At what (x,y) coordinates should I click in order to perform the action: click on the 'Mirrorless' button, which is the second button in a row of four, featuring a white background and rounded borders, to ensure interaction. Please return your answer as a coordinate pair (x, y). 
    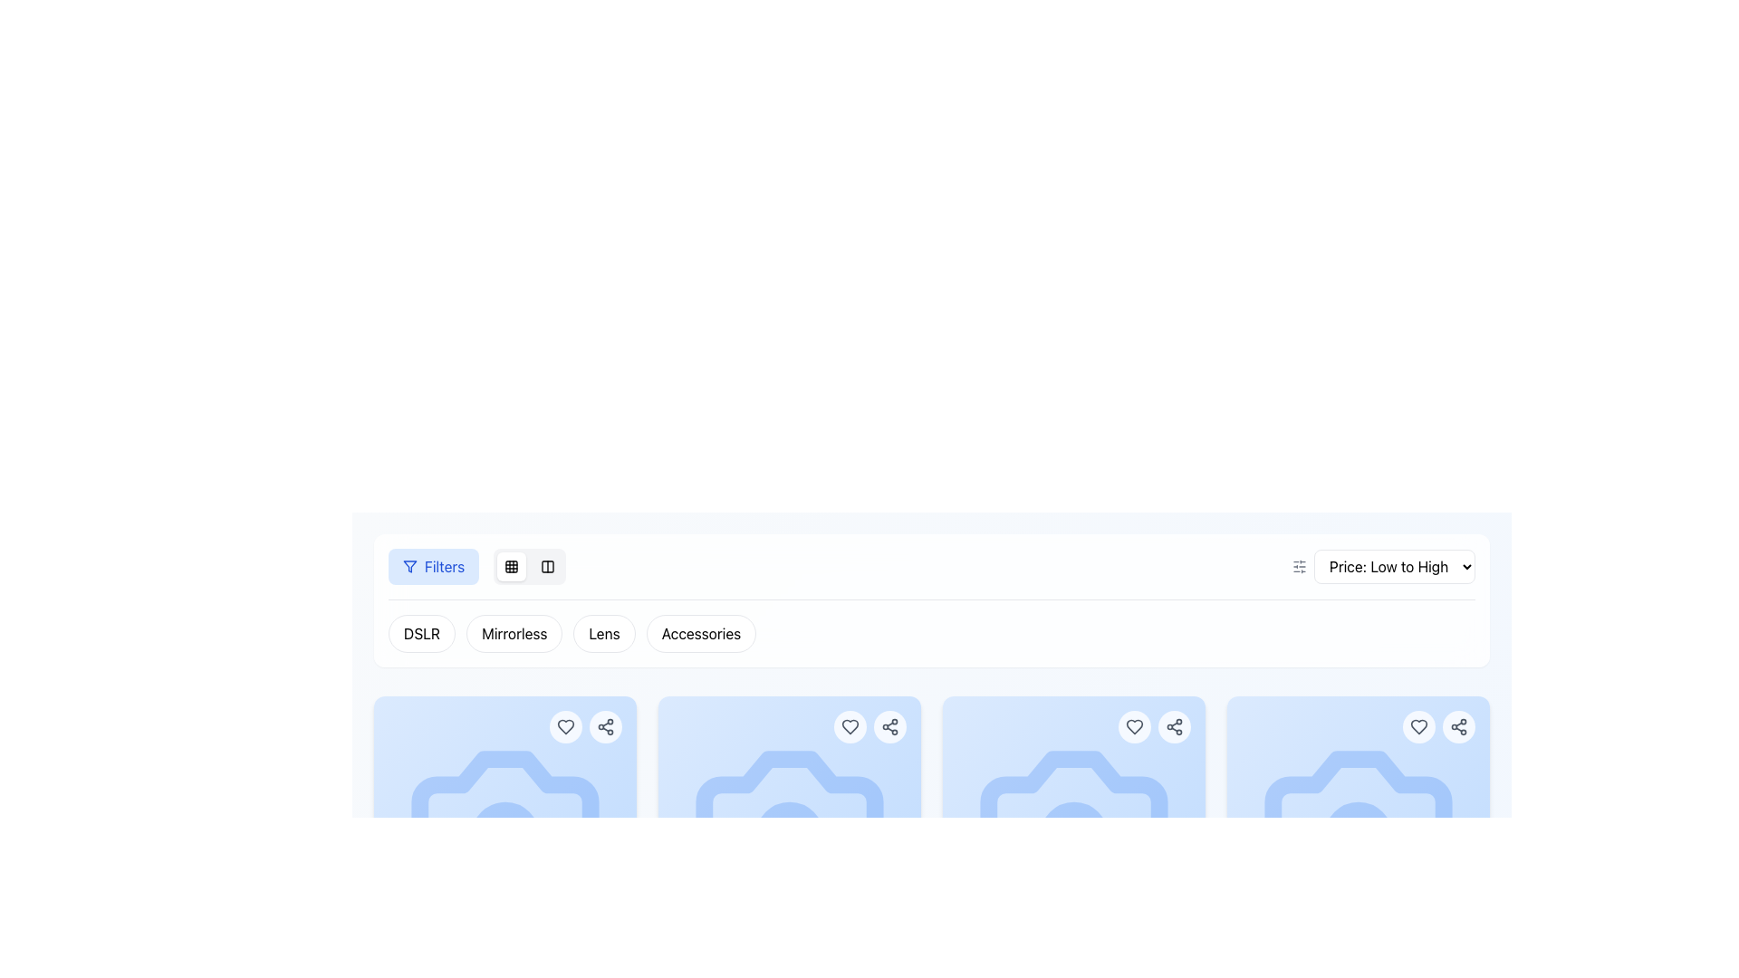
    Looking at the image, I should click on (514, 632).